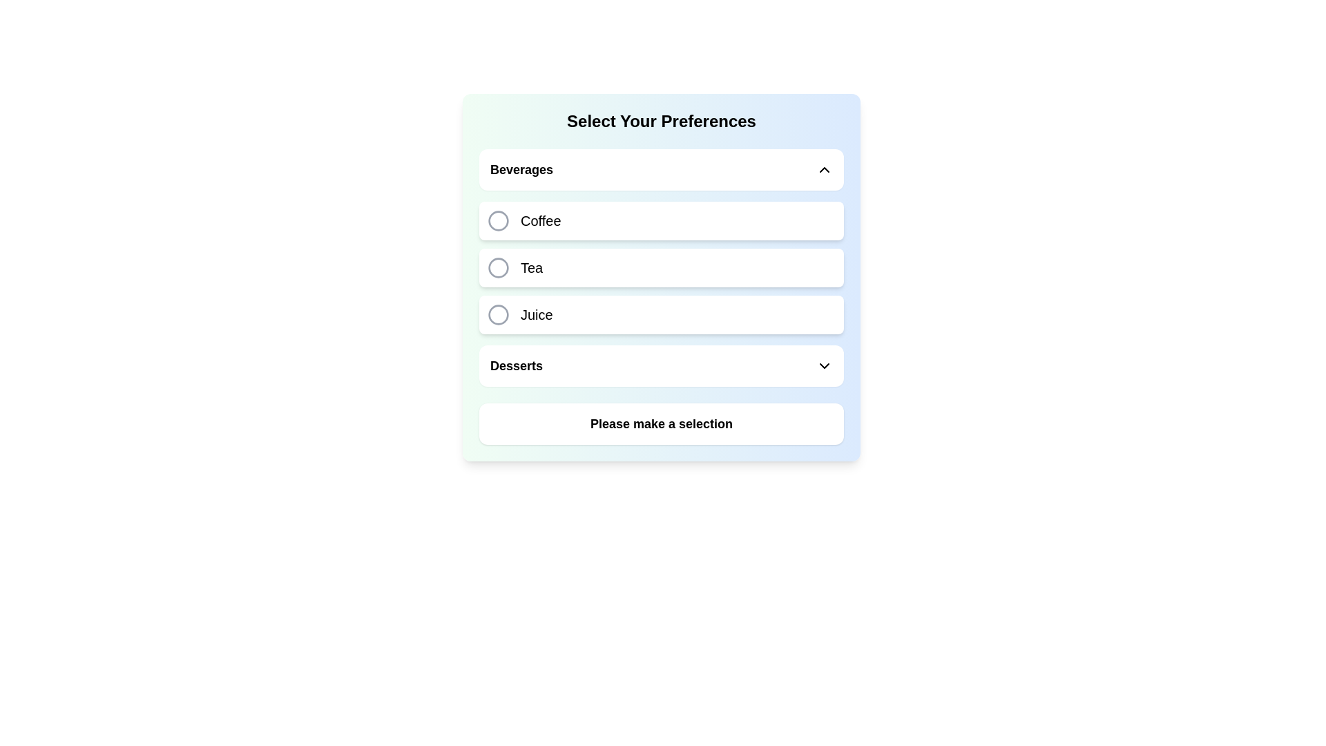 The height and width of the screenshot is (746, 1326). What do you see at coordinates (497, 268) in the screenshot?
I see `the 'Tea' radio button option within the 'Beverages' category` at bounding box center [497, 268].